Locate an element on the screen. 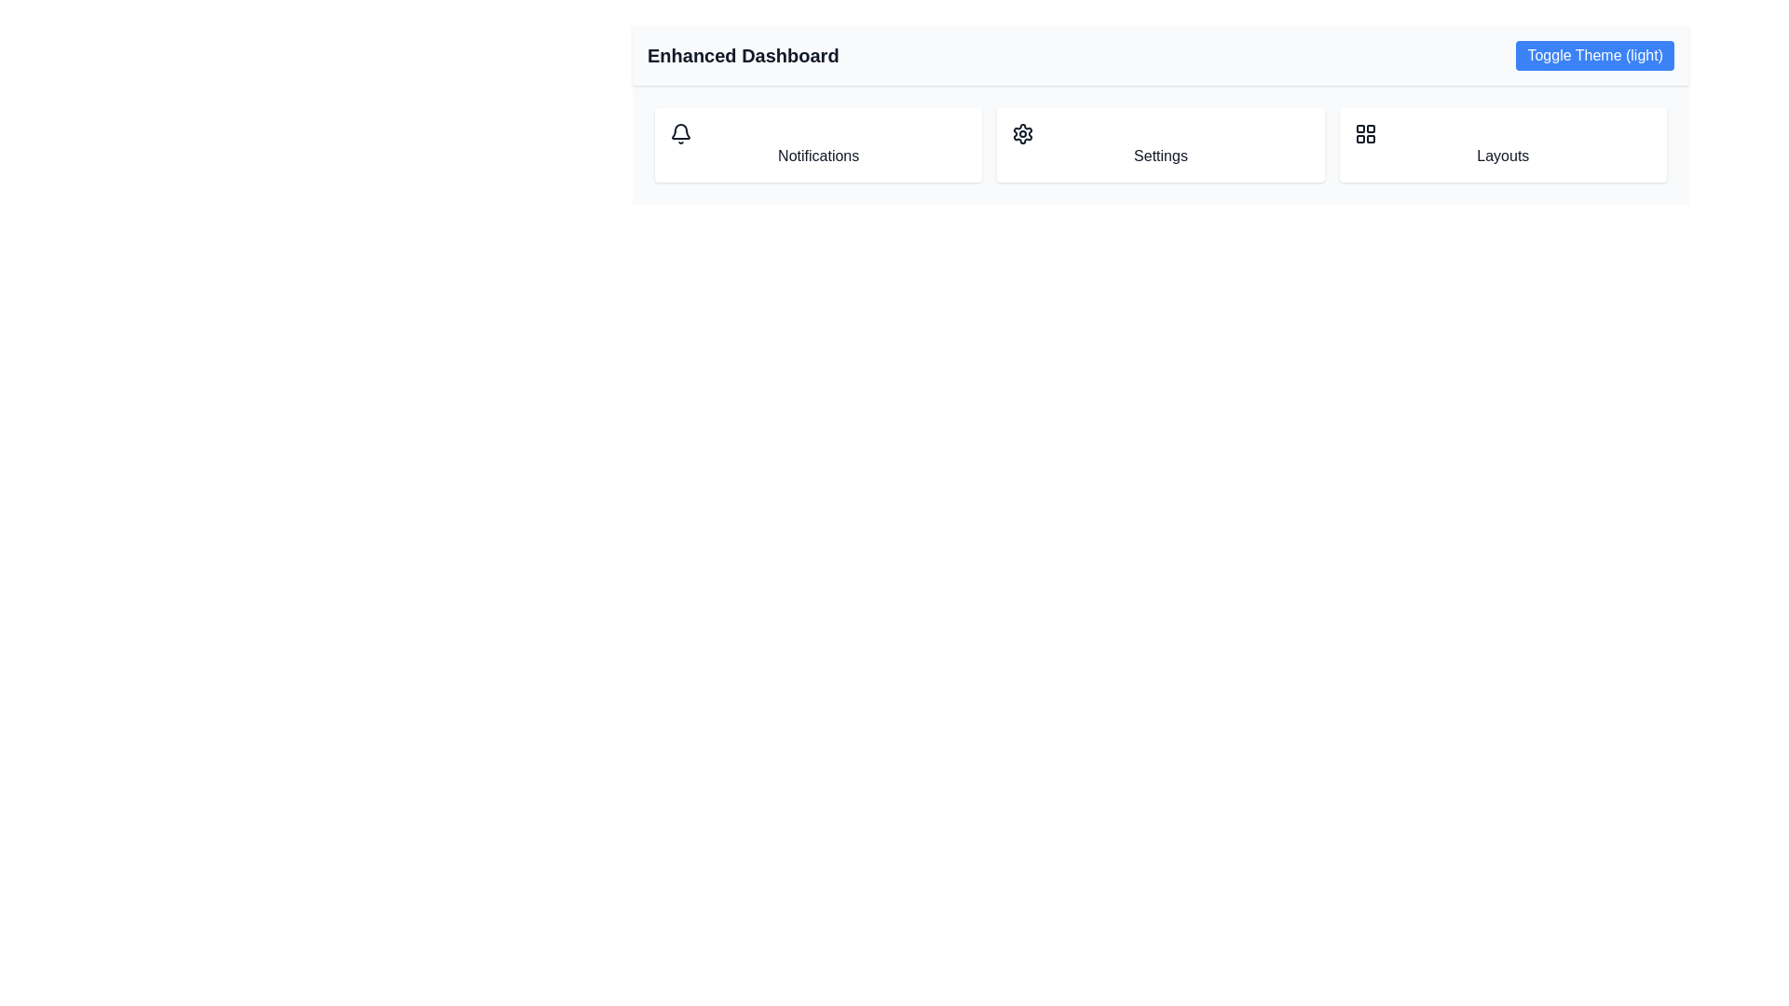 This screenshot has width=1789, height=1006. the Notifications dashboard module is located at coordinates (818, 143).